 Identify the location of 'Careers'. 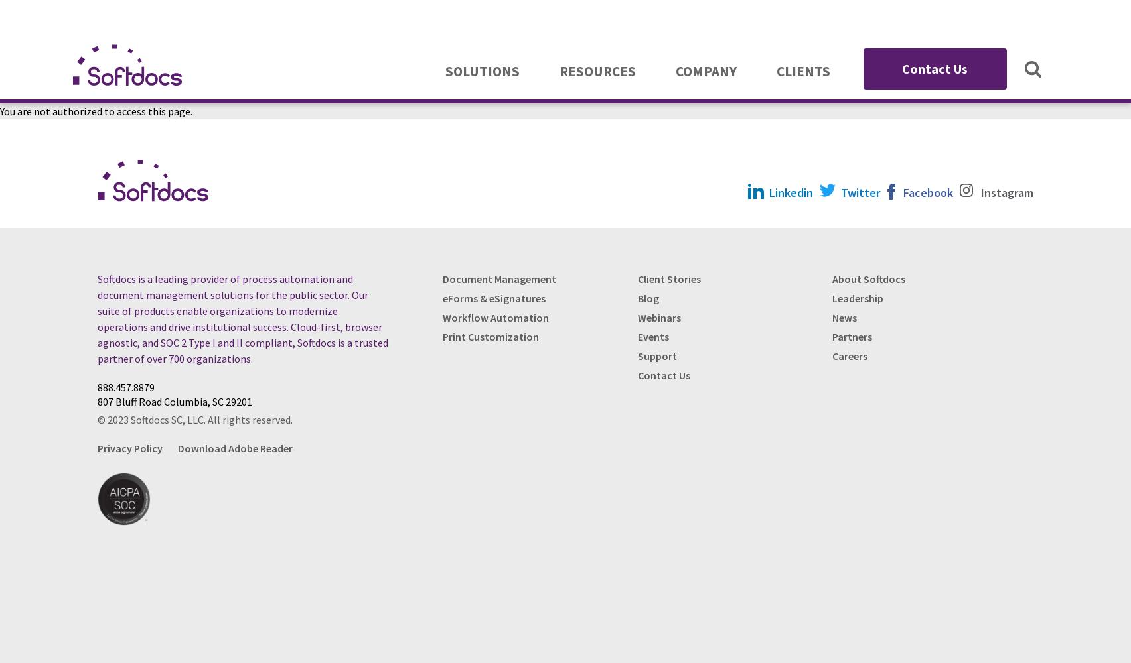
(850, 355).